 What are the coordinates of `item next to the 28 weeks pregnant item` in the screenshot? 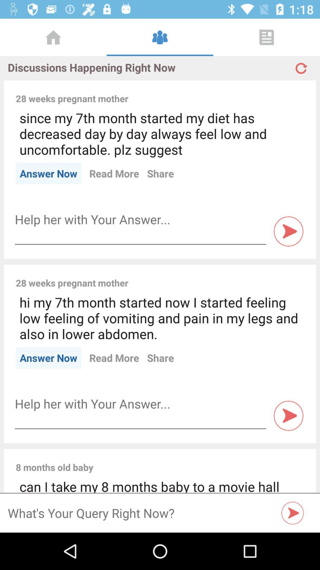 It's located at (220, 92).